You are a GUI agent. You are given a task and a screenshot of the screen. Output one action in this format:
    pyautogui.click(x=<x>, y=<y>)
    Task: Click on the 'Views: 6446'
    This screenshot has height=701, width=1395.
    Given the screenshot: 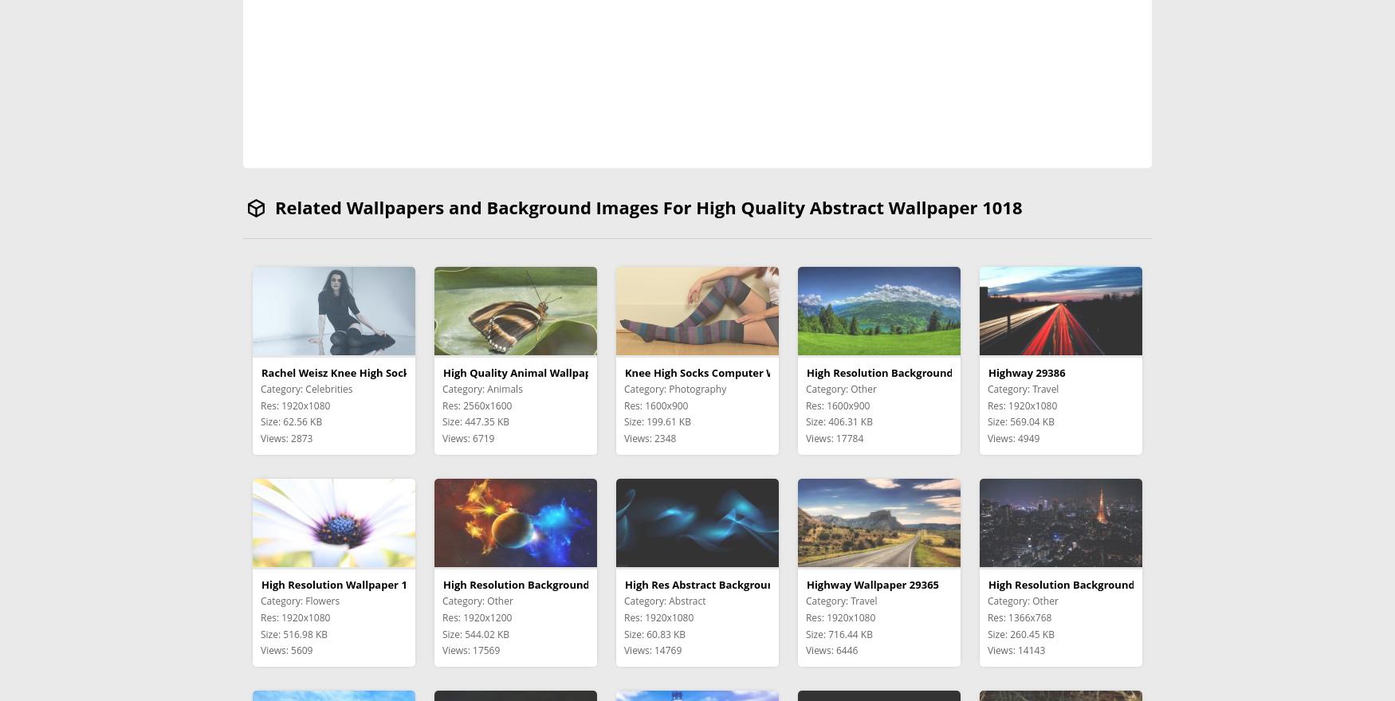 What is the action you would take?
    pyautogui.click(x=831, y=649)
    